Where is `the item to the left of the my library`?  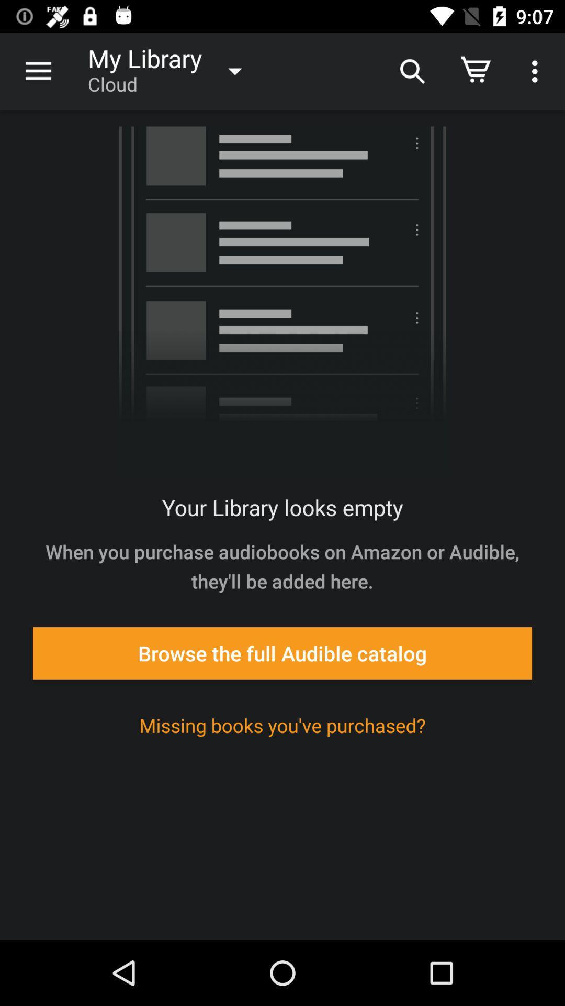
the item to the left of the my library is located at coordinates (38, 71).